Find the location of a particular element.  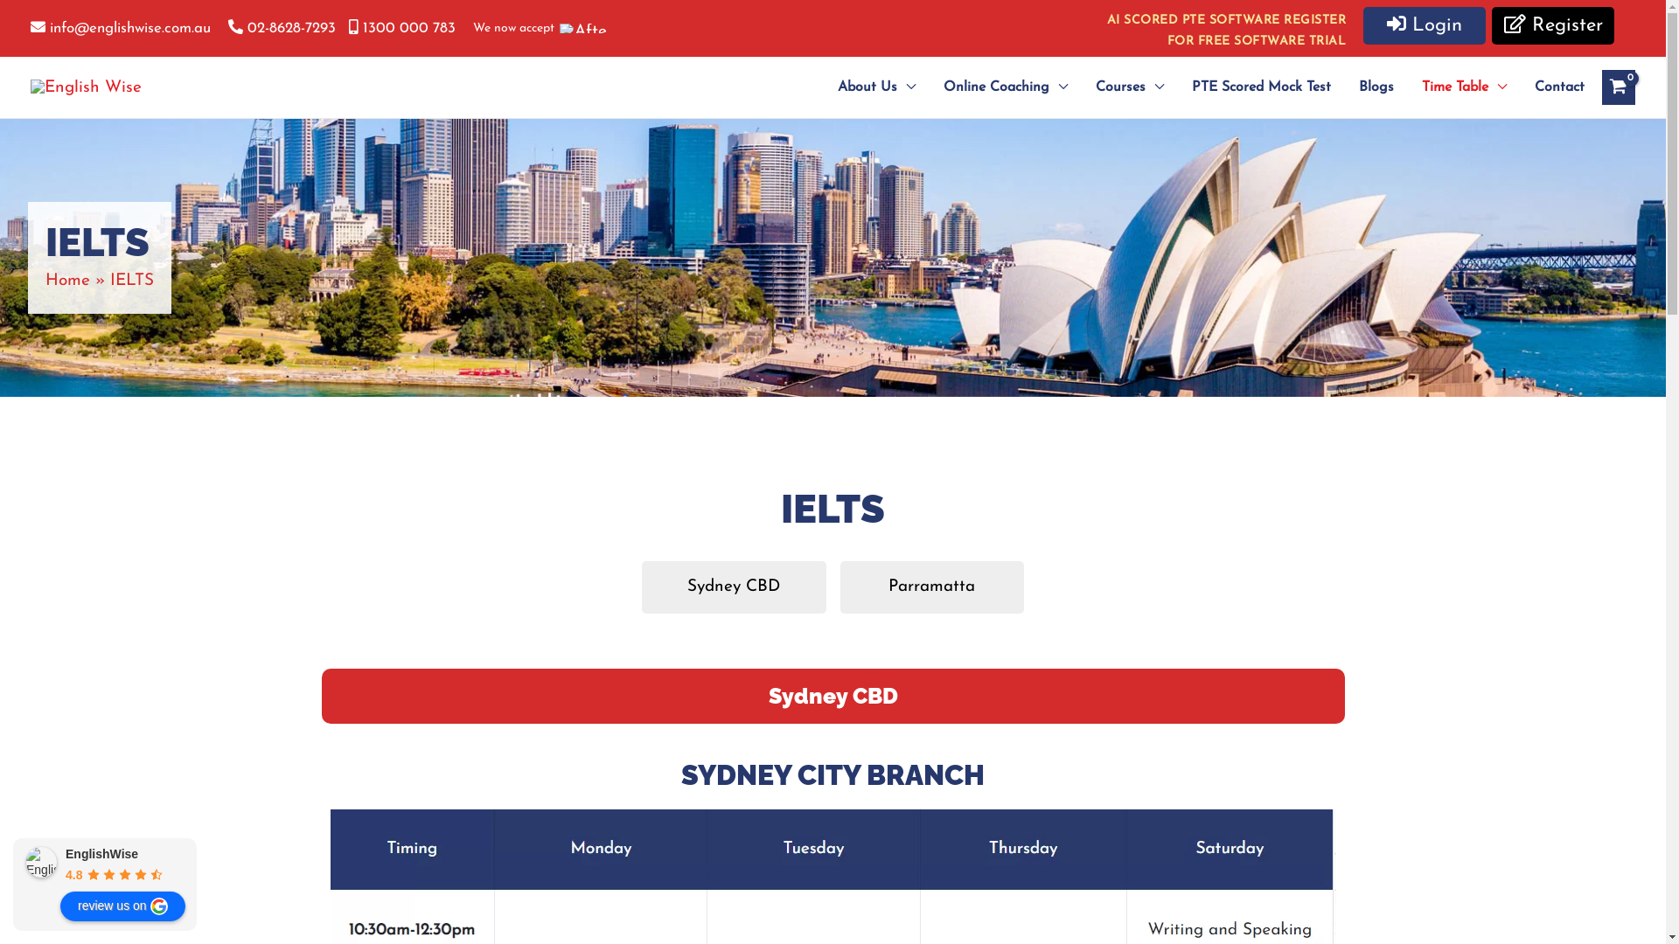

'About Us' is located at coordinates (876, 87).